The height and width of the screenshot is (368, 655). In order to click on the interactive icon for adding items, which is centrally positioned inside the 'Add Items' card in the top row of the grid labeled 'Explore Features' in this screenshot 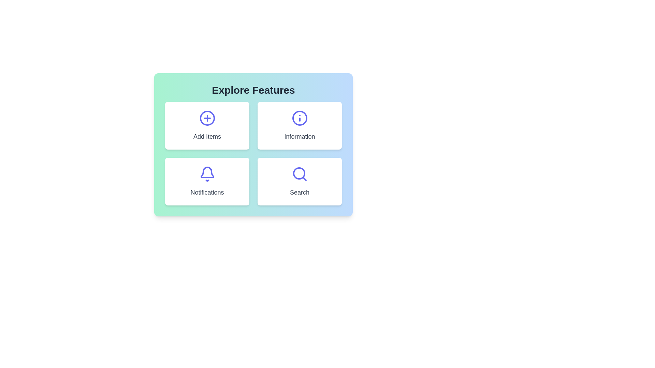, I will do `click(207, 118)`.